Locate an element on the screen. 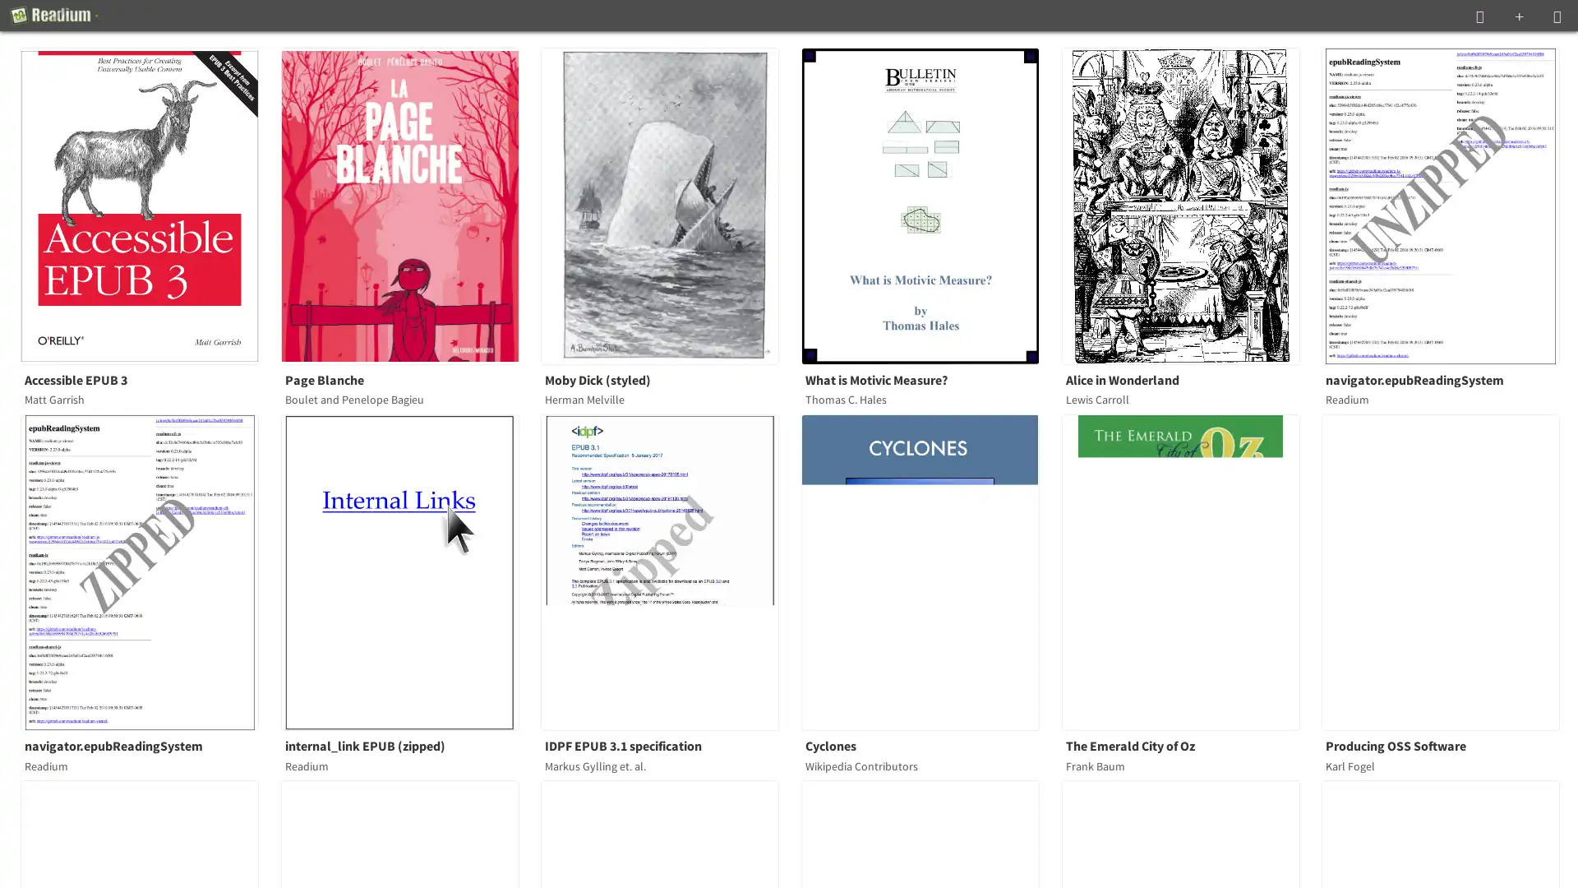 The image size is (1578, 888). Add to Library is located at coordinates (1518, 16).